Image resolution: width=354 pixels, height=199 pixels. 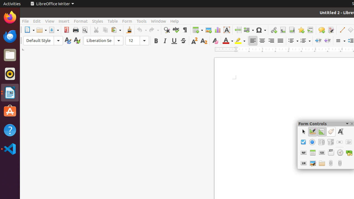 I want to click on 'Text Box', so click(x=340, y=132).